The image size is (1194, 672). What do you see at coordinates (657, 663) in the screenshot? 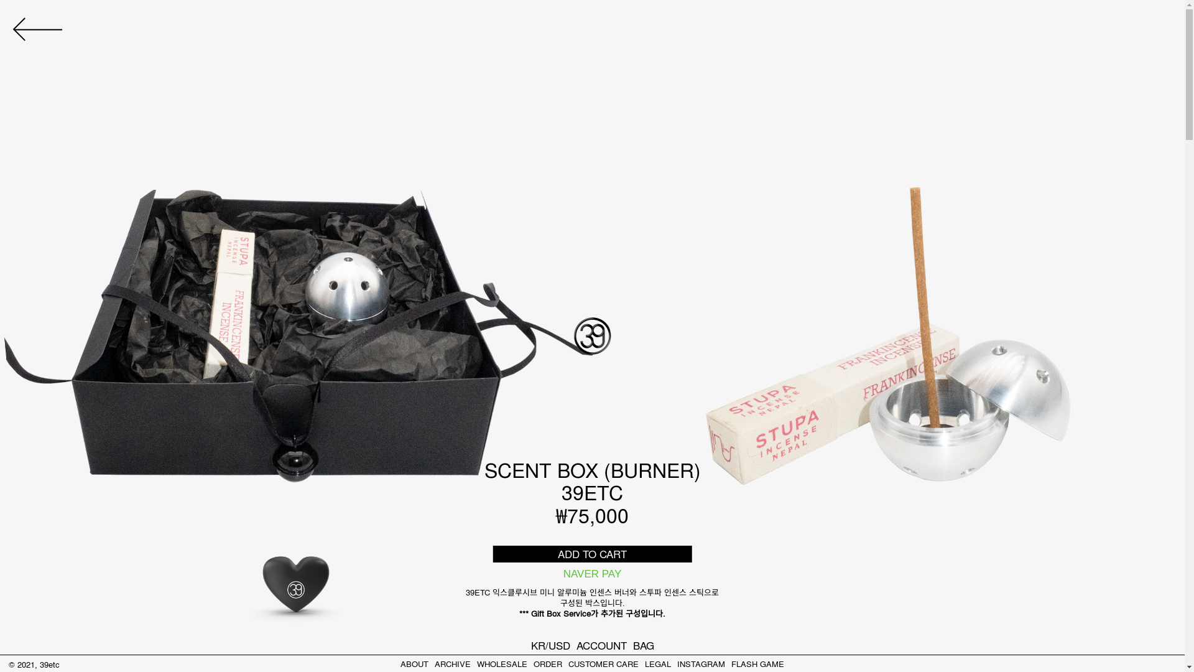
I see `'LEGAL'` at bounding box center [657, 663].